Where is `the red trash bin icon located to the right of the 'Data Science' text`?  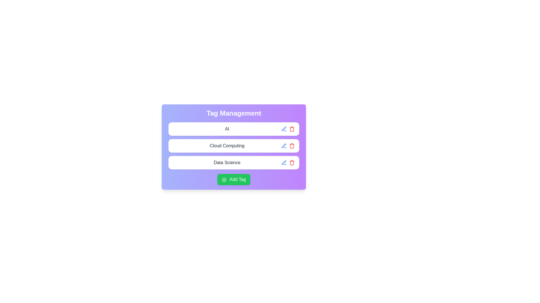
the red trash bin icon located to the right of the 'Data Science' text is located at coordinates (288, 162).